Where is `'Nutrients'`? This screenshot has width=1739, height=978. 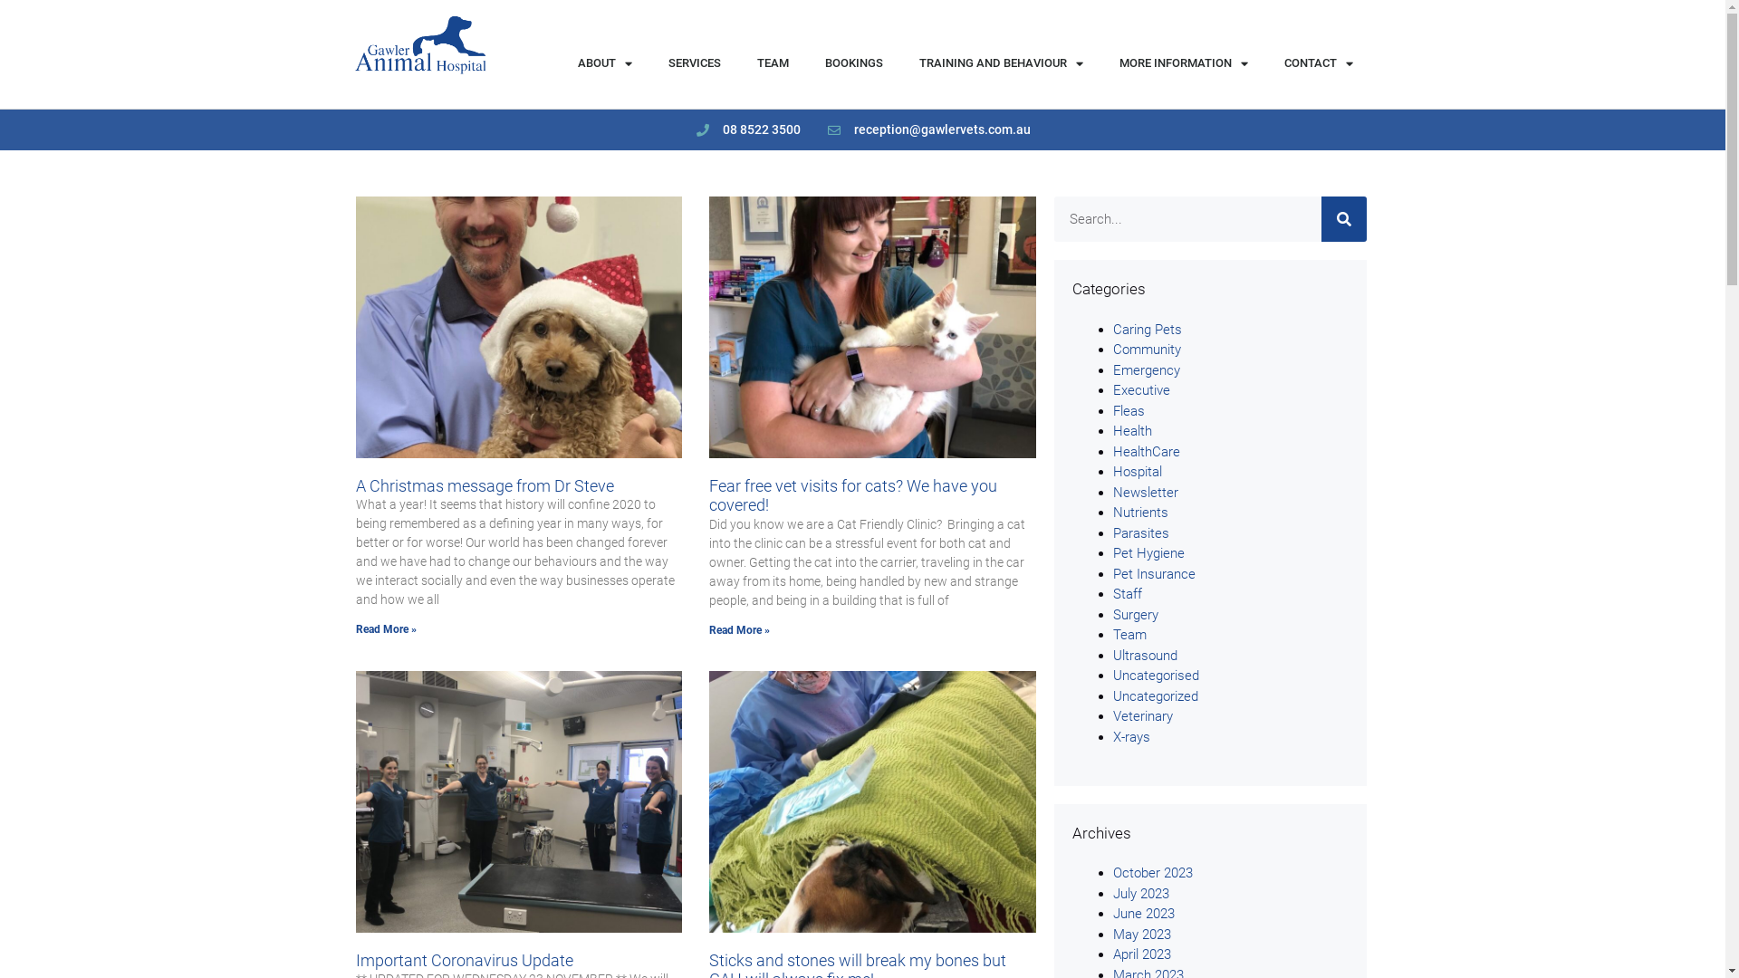 'Nutrients' is located at coordinates (1111, 513).